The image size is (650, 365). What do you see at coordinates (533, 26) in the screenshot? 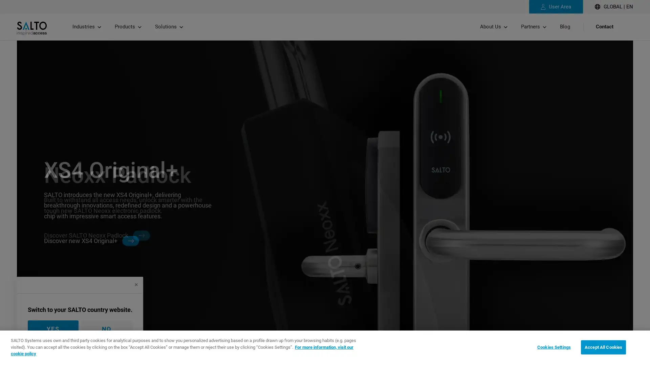
I see `Partners` at bounding box center [533, 26].